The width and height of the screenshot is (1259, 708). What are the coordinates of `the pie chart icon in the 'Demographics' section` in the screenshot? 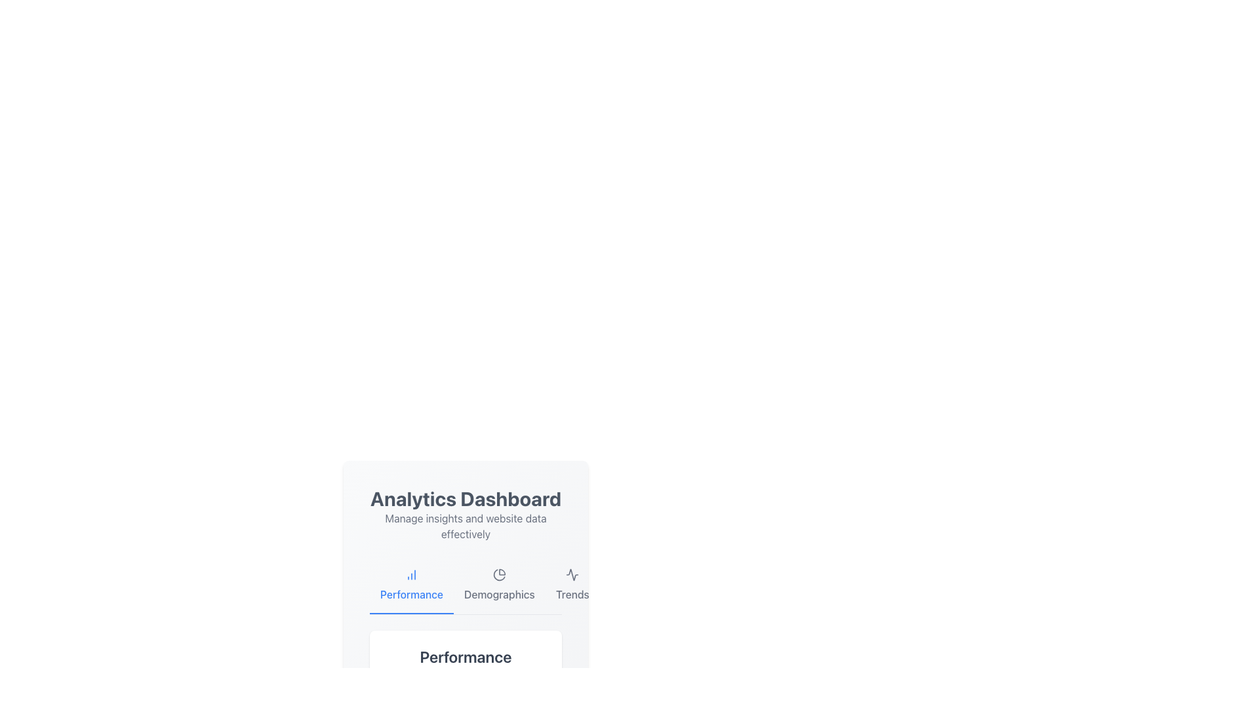 It's located at (498, 574).